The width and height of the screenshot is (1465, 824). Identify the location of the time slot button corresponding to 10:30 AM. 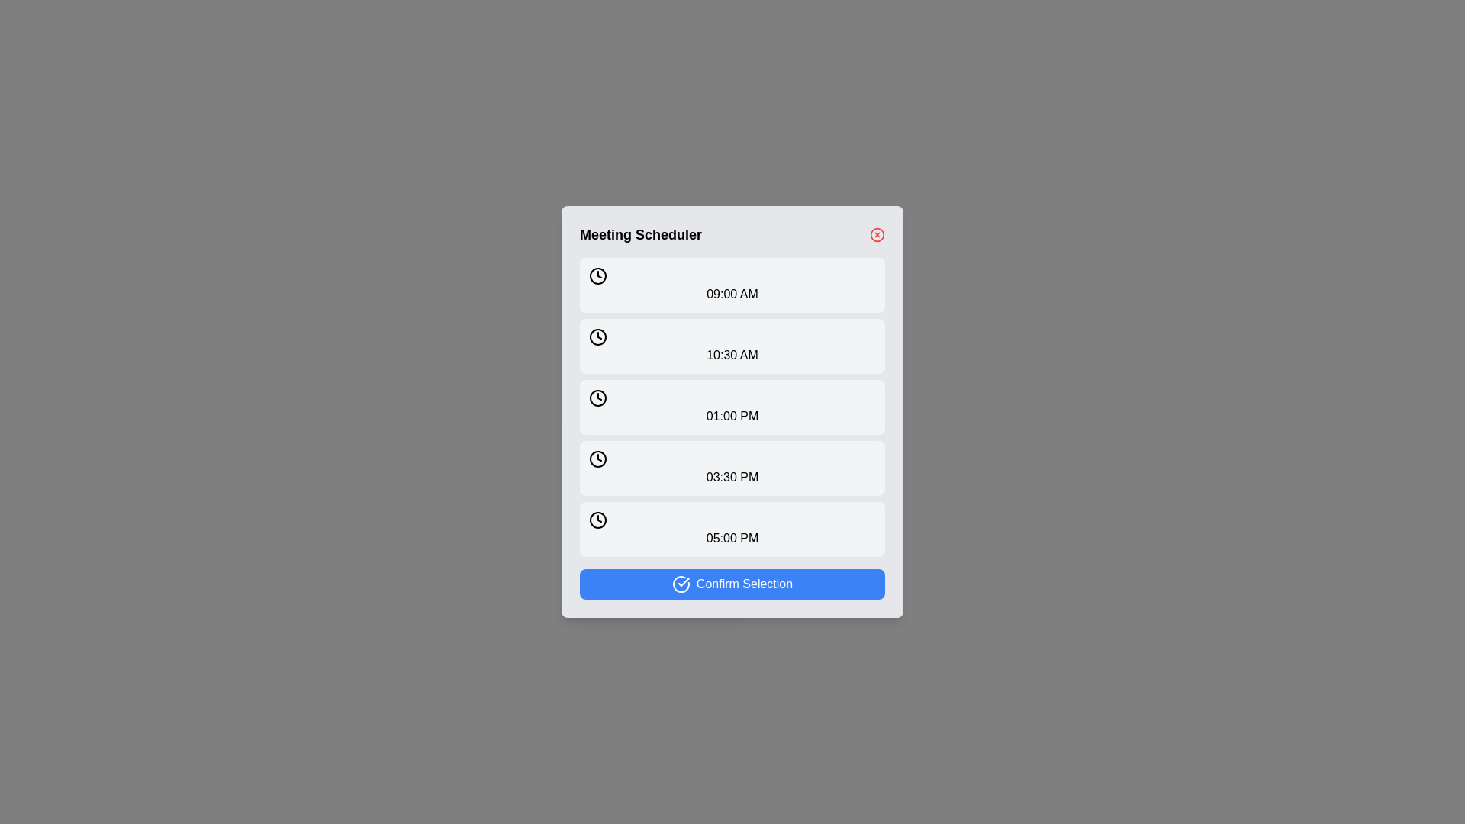
(732, 346).